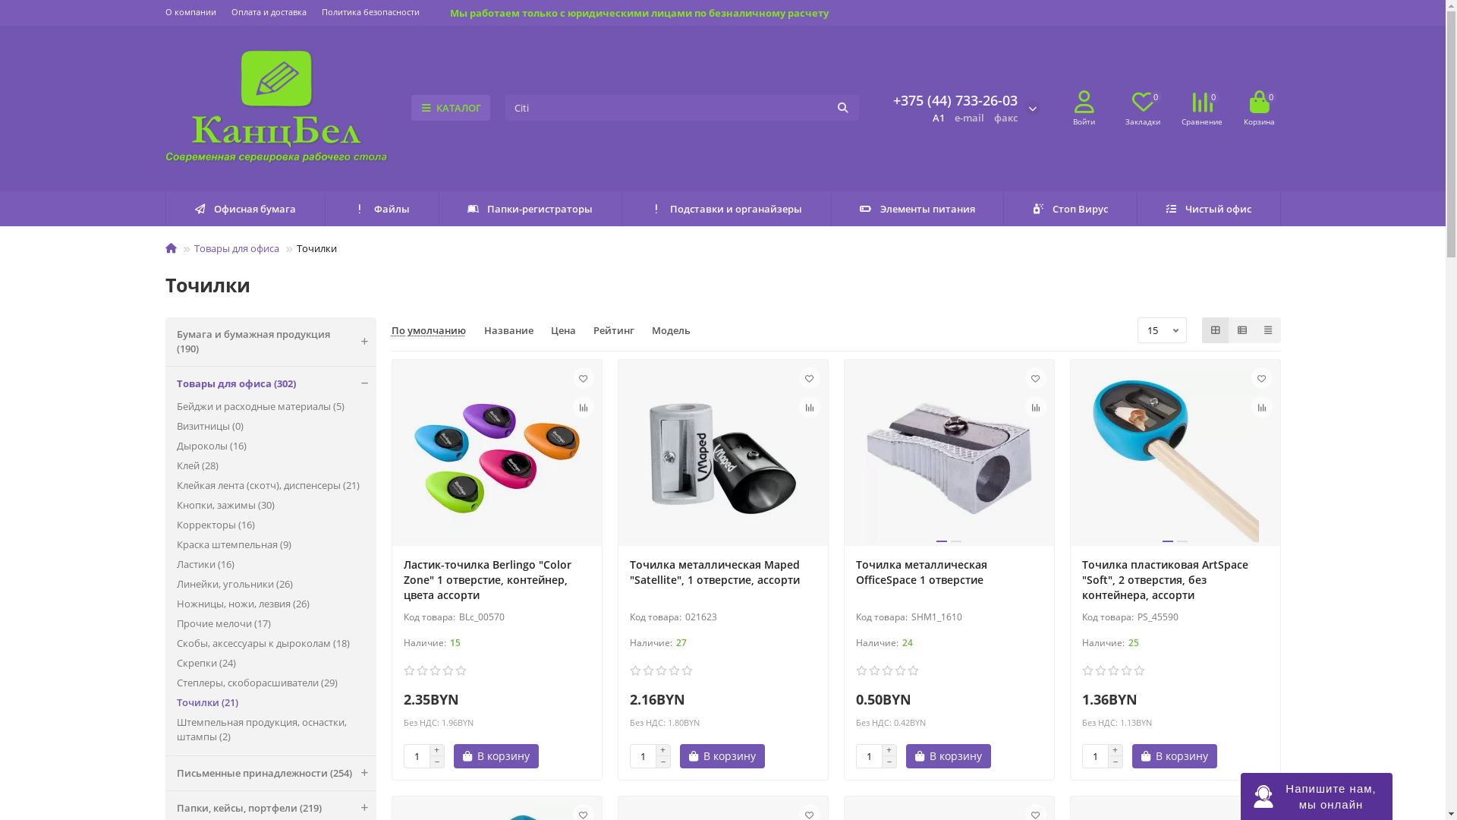  Describe the element at coordinates (953, 99) in the screenshot. I see `'+375 (44) 733-26-03'` at that location.